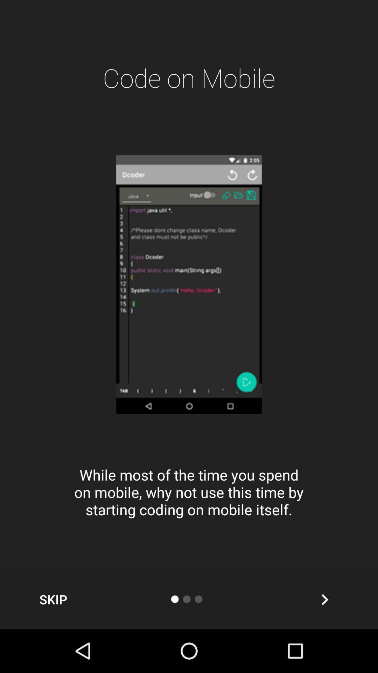  Describe the element at coordinates (324, 599) in the screenshot. I see `the item below while most of icon` at that location.